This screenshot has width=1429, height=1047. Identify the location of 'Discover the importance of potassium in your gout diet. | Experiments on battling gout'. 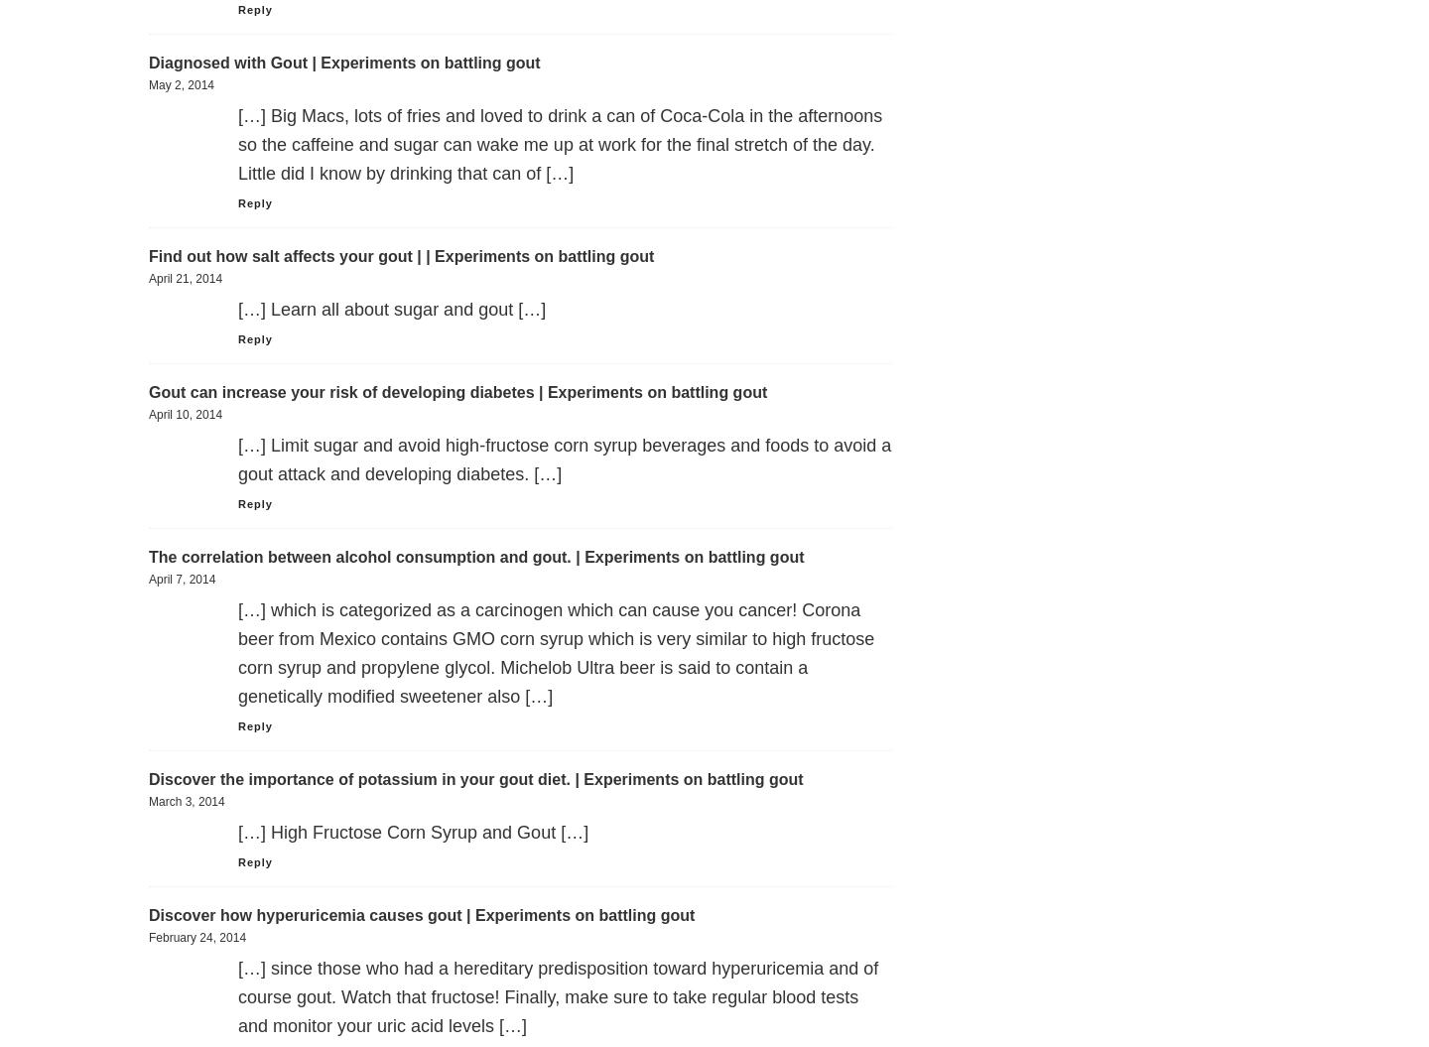
(148, 778).